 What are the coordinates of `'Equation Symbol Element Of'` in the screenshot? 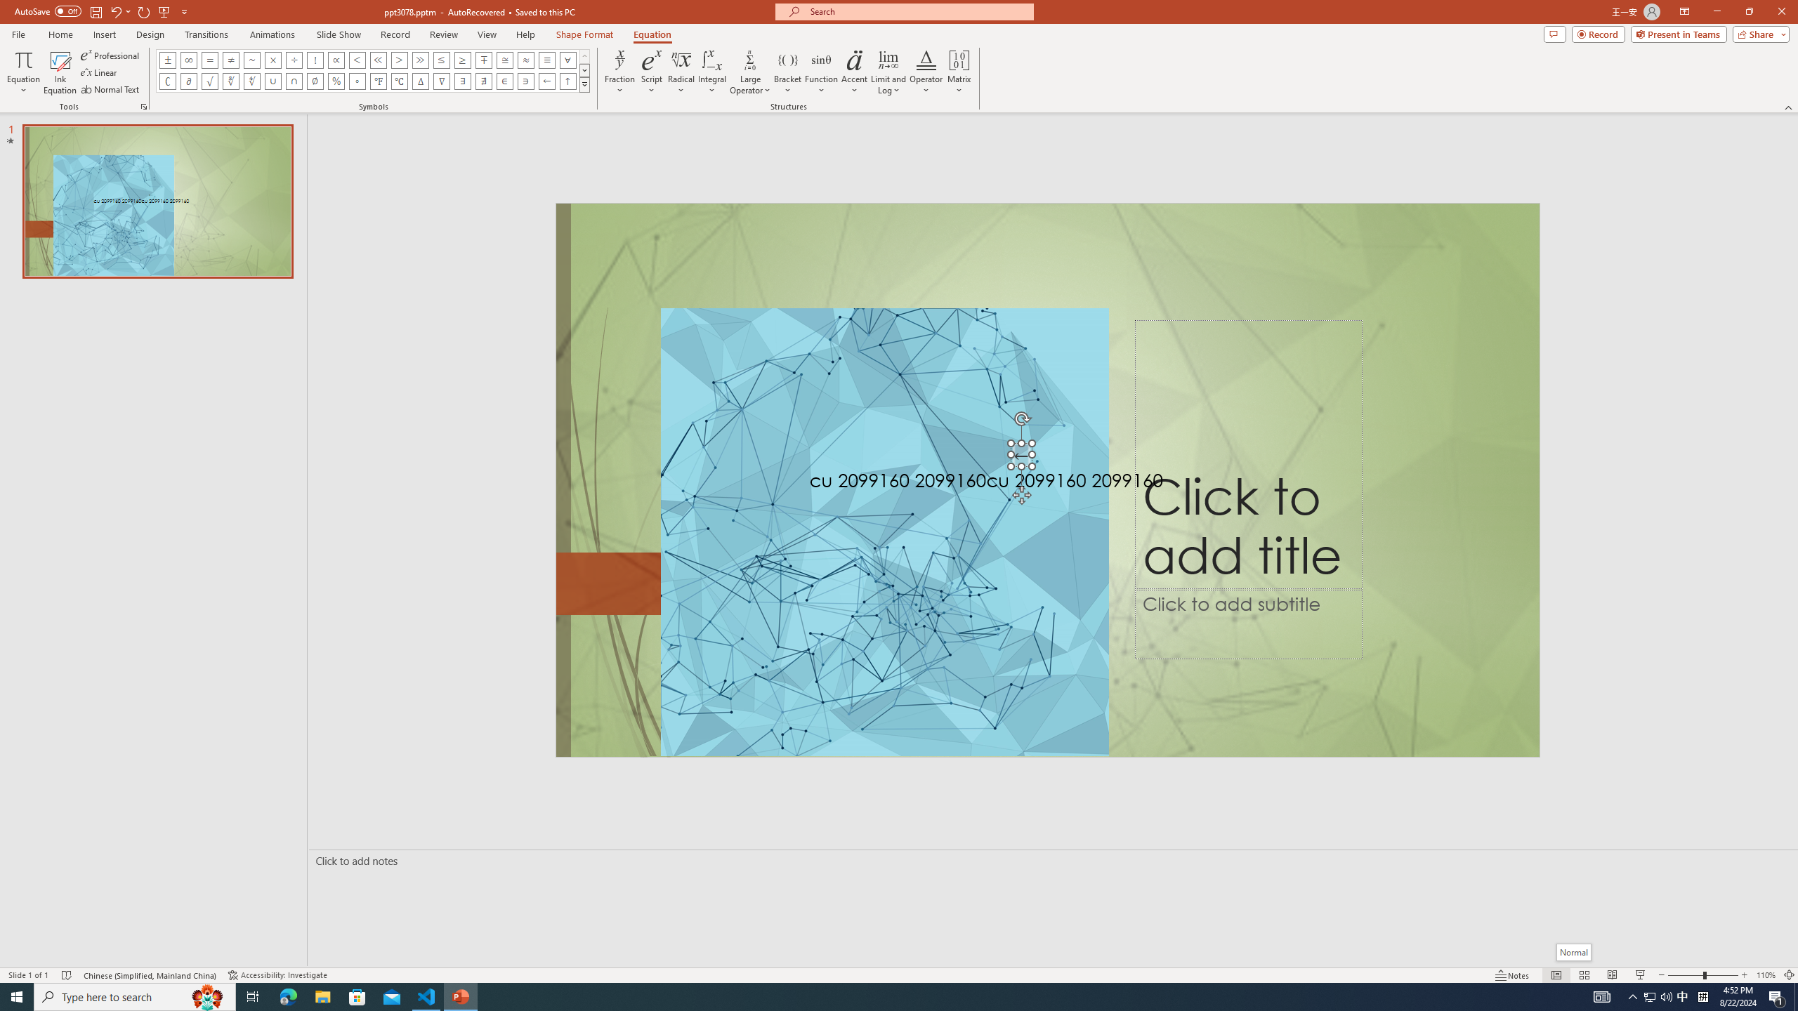 It's located at (504, 80).